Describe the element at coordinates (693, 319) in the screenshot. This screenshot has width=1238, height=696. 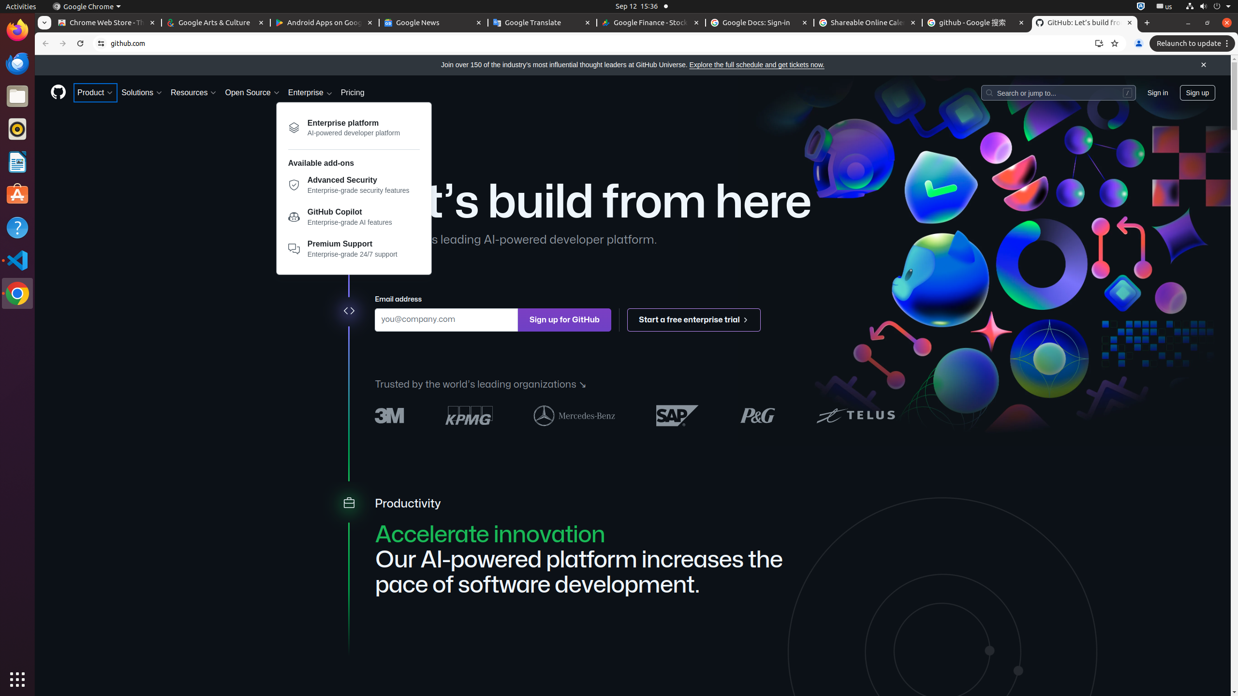
I see `'Start a free enterprise trial '` at that location.